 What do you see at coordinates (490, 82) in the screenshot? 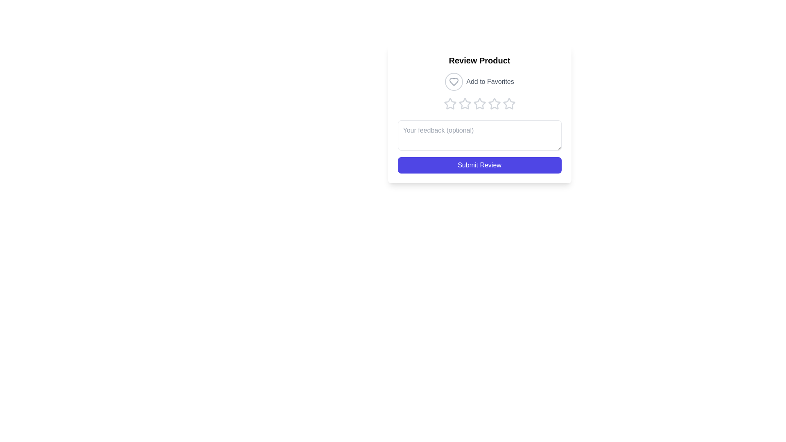
I see `the 'Add to Favorites' text label, which is styled with a clean gray font and is located to the right of a heart icon at the top of the interface` at bounding box center [490, 82].